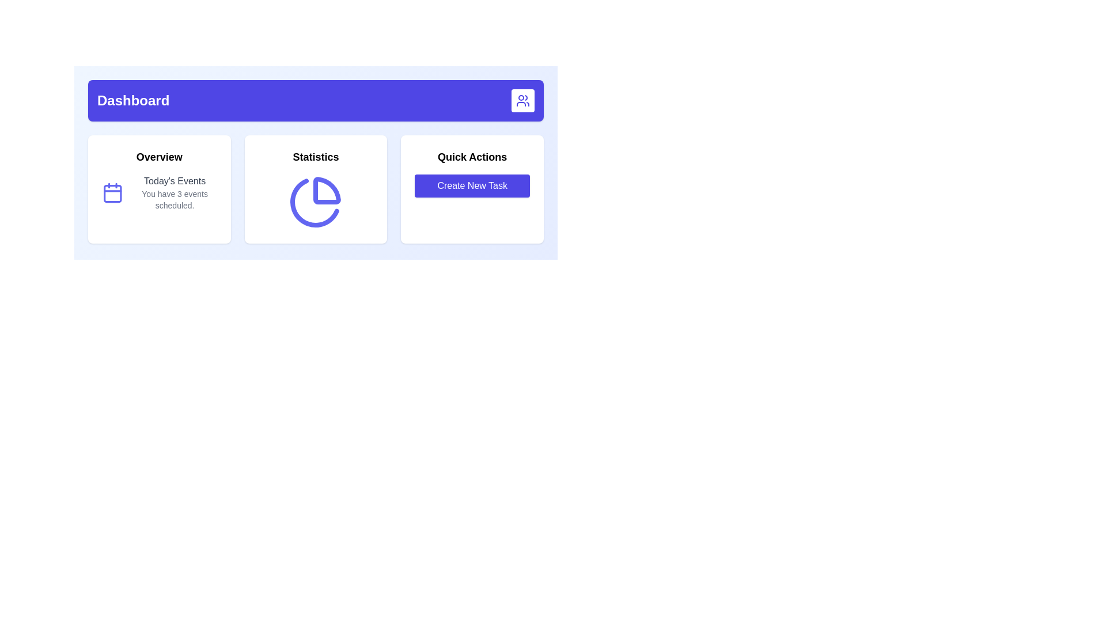  I want to click on the 'Create New Task' button, which is a rectangular button with white text on a bold indigo background, located in the 'Quick Actions' section, so click(472, 185).